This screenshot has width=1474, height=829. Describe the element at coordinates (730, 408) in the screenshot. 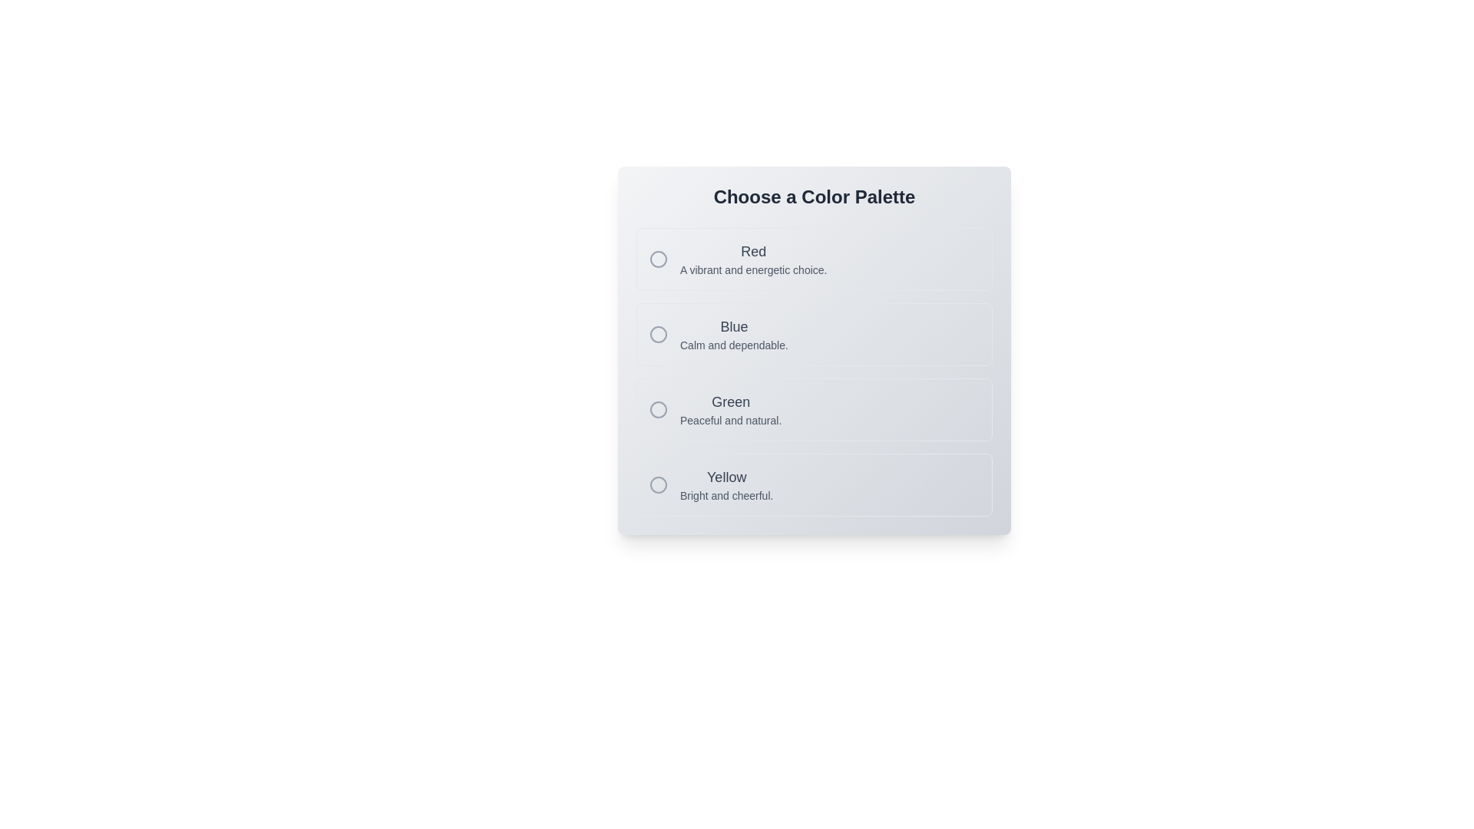

I see `the text block that provides the title and description for the 'Green' option within the color palette selection interface, located between the 'Blue' and 'Yellow' options` at that location.